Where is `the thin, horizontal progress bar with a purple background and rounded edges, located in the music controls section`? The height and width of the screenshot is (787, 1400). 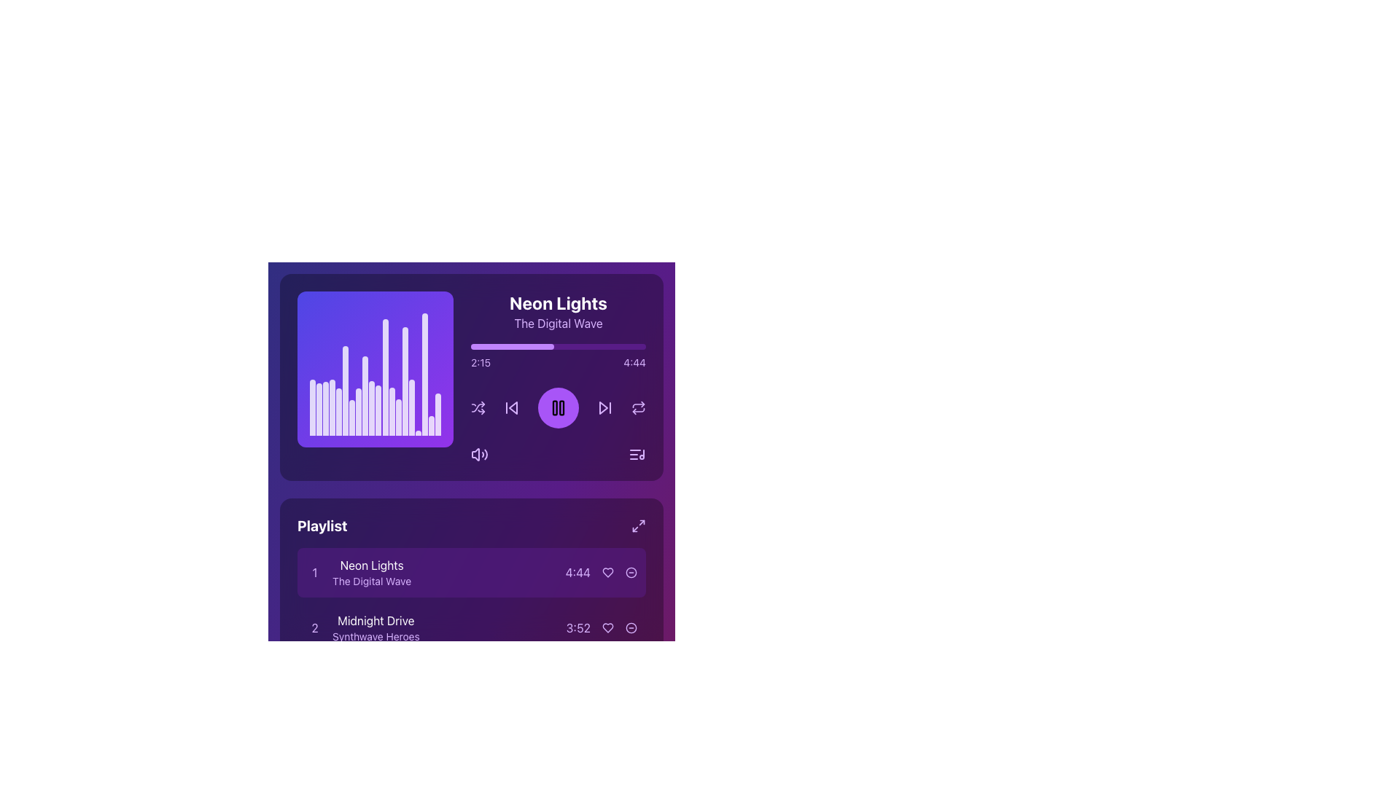
the thin, horizontal progress bar with a purple background and rounded edges, located in the music controls section is located at coordinates (558, 346).